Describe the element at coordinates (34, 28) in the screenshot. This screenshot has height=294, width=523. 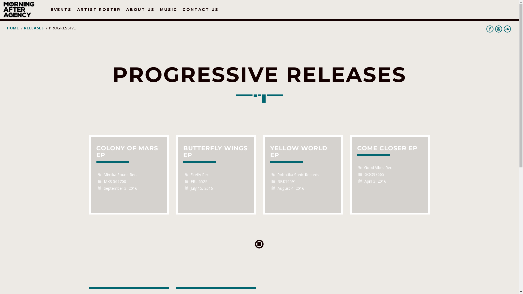
I see `'RELEASES'` at that location.